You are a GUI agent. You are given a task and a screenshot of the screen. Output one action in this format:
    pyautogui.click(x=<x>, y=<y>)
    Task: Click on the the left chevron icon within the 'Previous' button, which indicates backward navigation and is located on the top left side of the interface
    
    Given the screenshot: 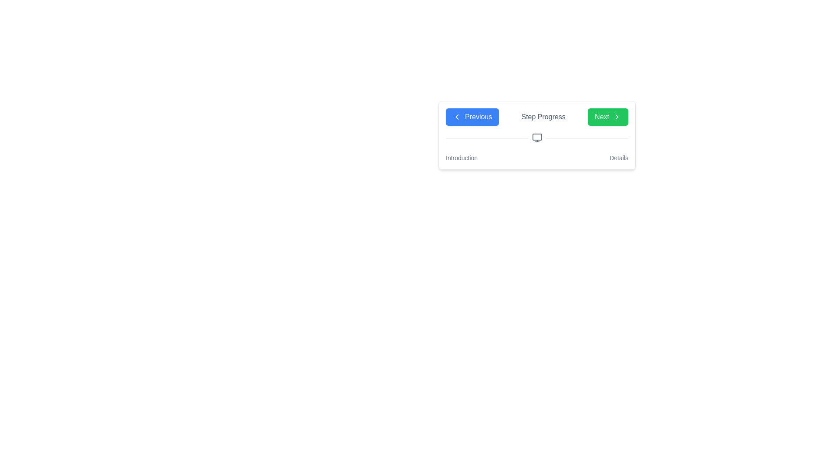 What is the action you would take?
    pyautogui.click(x=457, y=117)
    